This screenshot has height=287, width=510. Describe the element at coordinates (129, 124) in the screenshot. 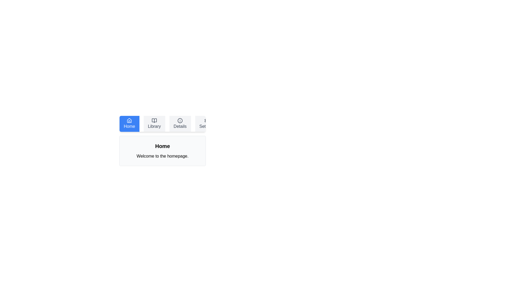

I see `the Home tab to navigate to its section` at that location.